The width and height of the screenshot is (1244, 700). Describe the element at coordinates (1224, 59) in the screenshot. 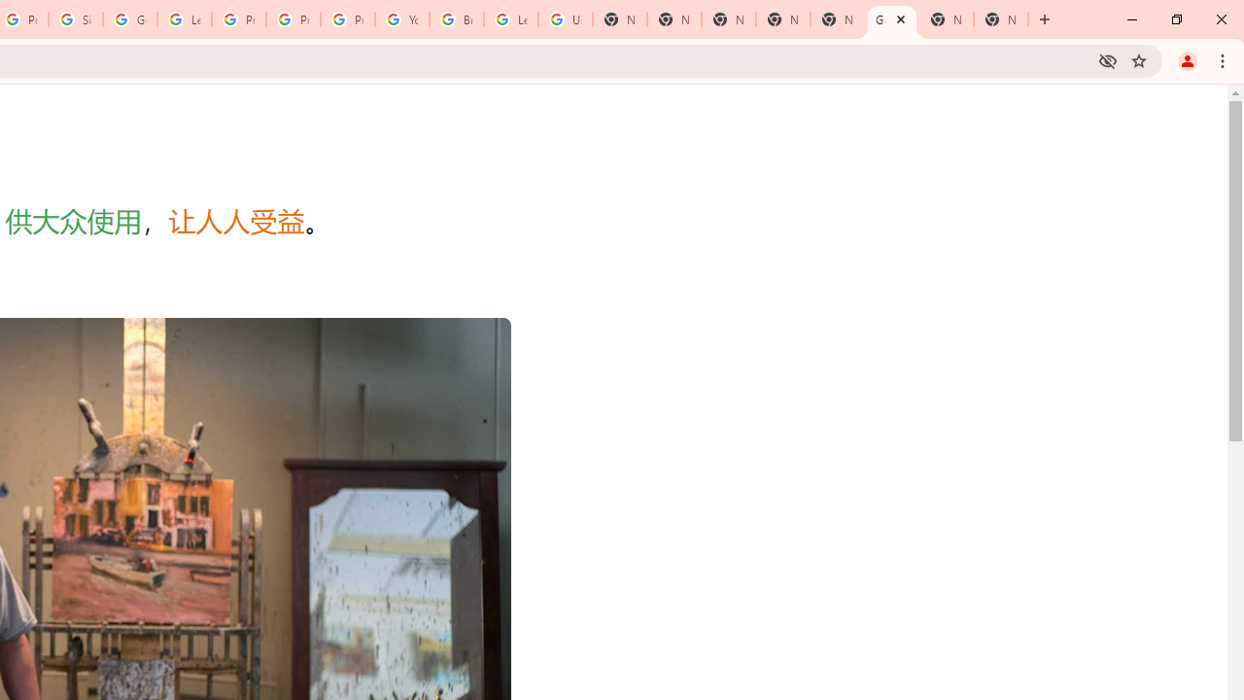

I see `'Chrome'` at that location.